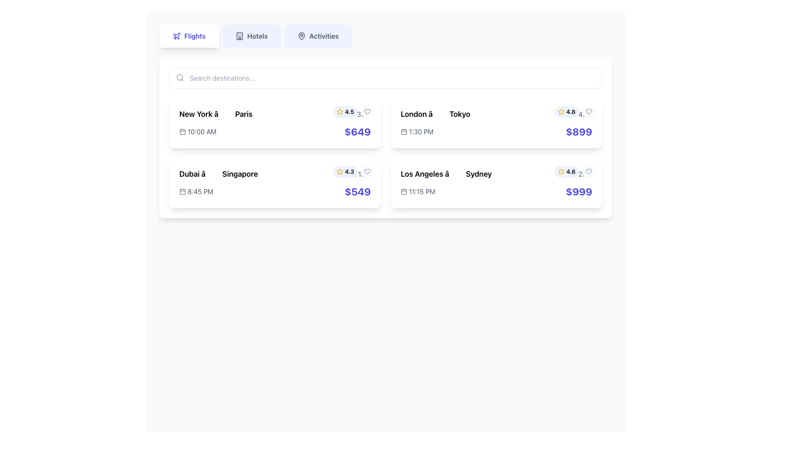 Image resolution: width=799 pixels, height=449 pixels. What do you see at coordinates (588, 171) in the screenshot?
I see `the 'like' button located in the upper-right corner of the flight information card for the flight from Los Angeles to Sydney` at bounding box center [588, 171].